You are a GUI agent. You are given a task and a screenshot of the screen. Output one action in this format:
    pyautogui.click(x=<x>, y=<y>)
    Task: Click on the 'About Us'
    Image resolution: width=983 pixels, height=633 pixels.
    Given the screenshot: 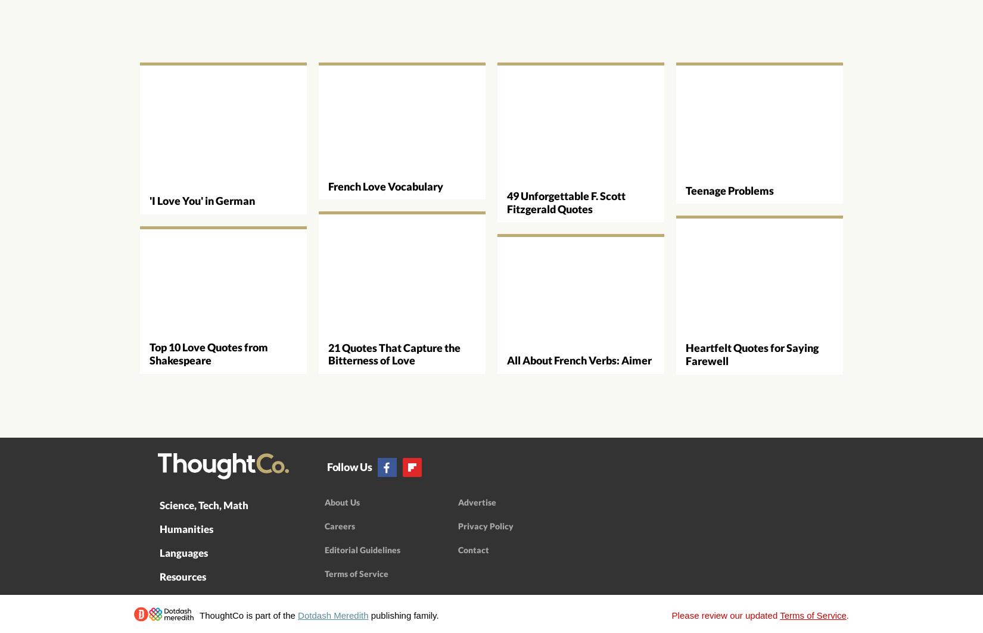 What is the action you would take?
    pyautogui.click(x=341, y=501)
    